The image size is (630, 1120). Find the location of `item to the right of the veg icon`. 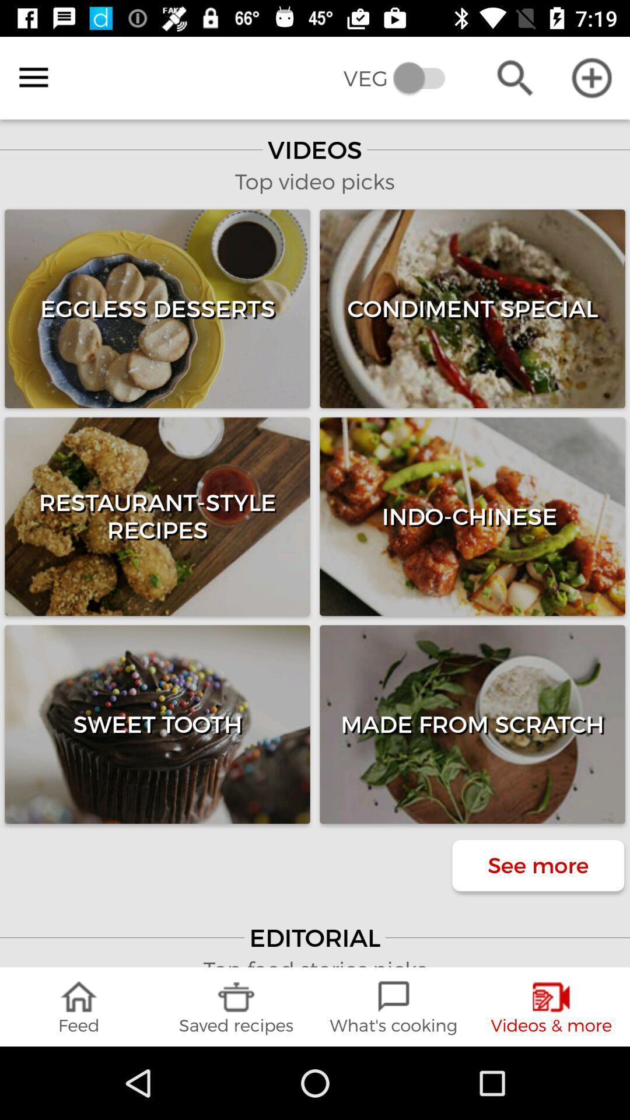

item to the right of the veg icon is located at coordinates (514, 77).